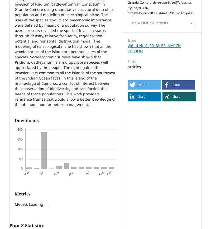  I want to click on 'Section', so click(133, 61).